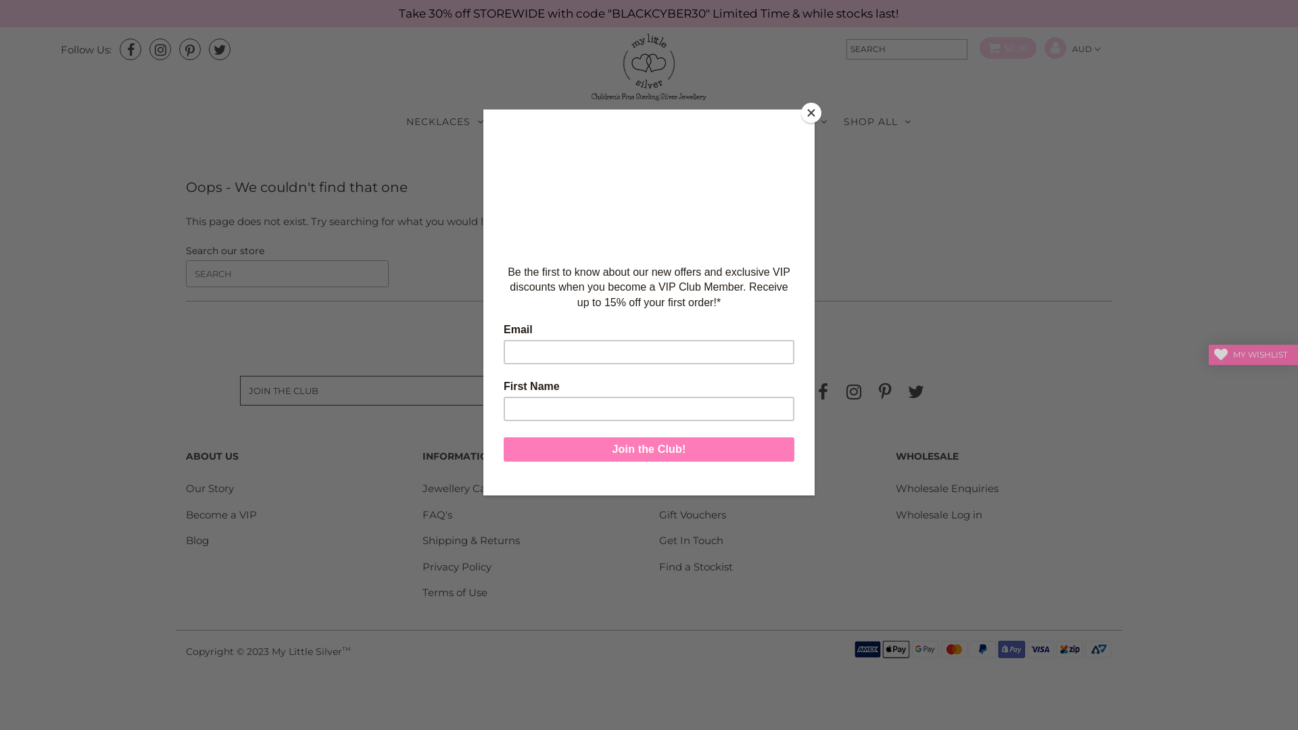  Describe the element at coordinates (691, 539) in the screenshot. I see `'Get In Touch'` at that location.